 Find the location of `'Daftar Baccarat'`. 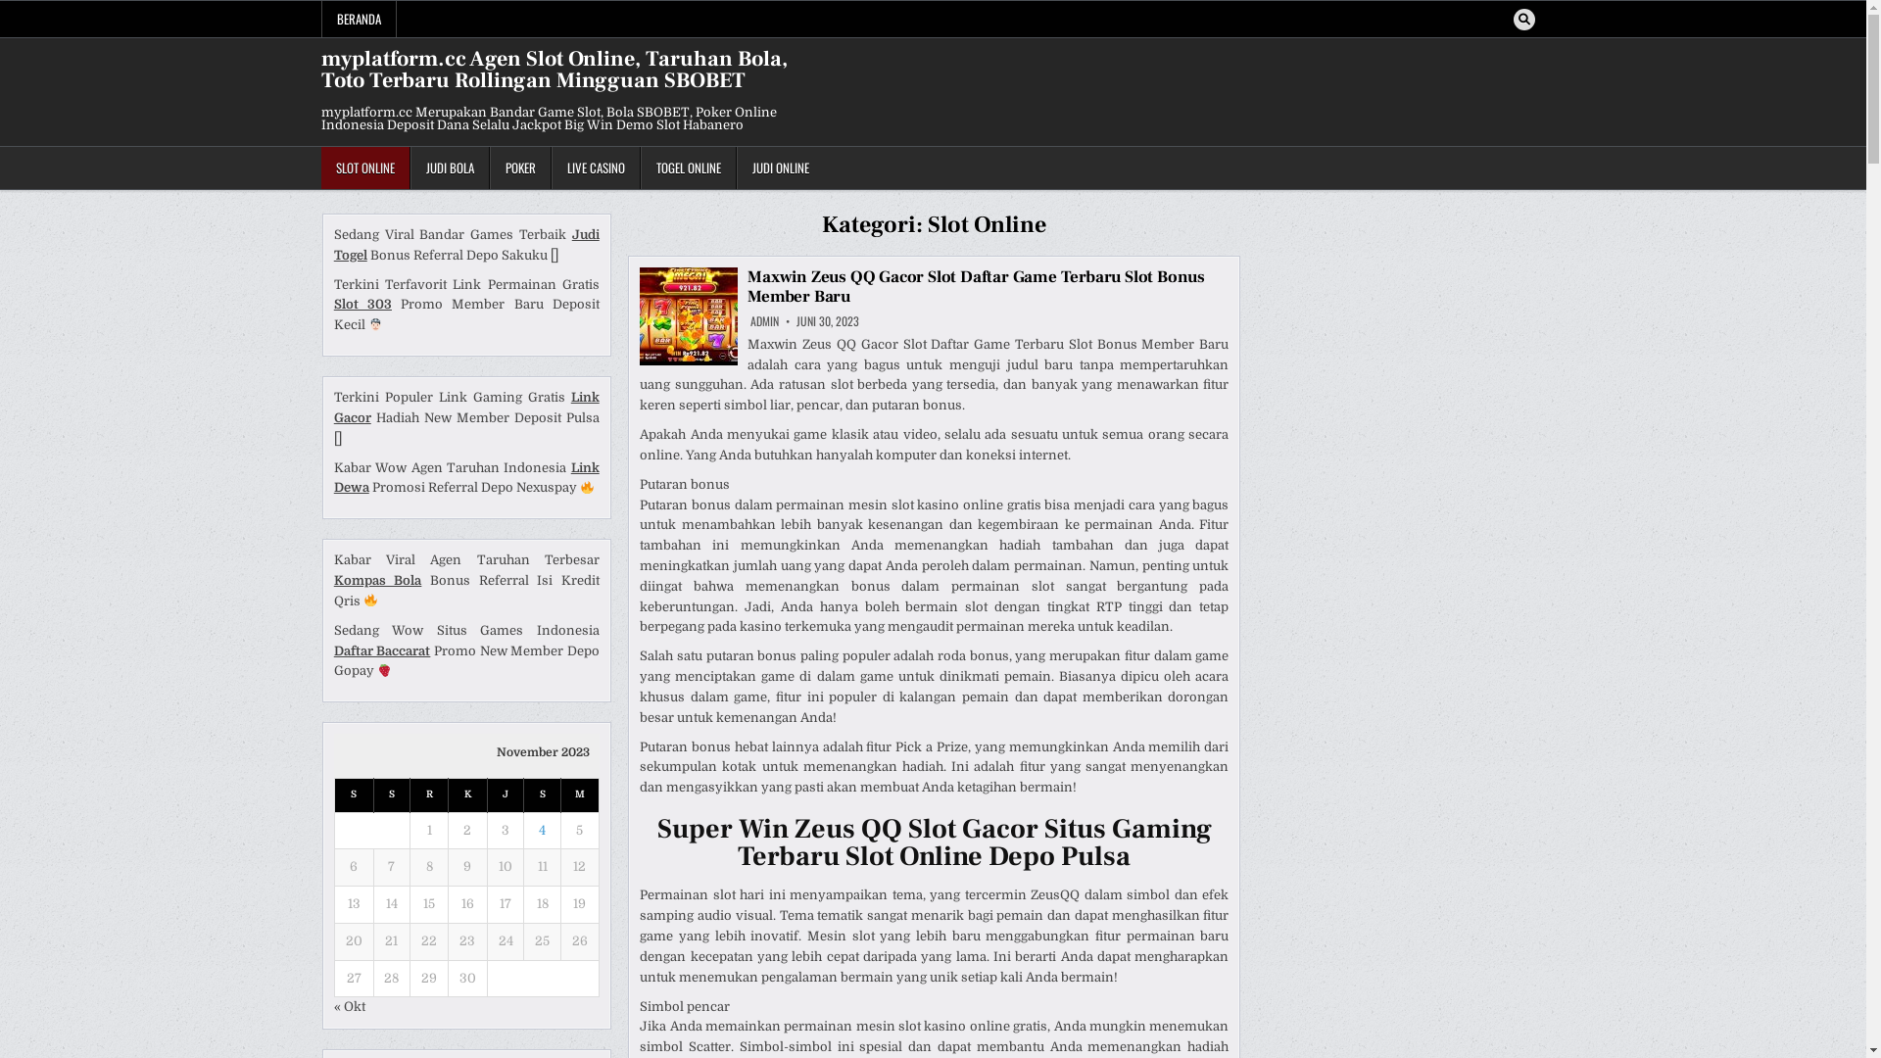

'Daftar Baccarat' is located at coordinates (333, 650).